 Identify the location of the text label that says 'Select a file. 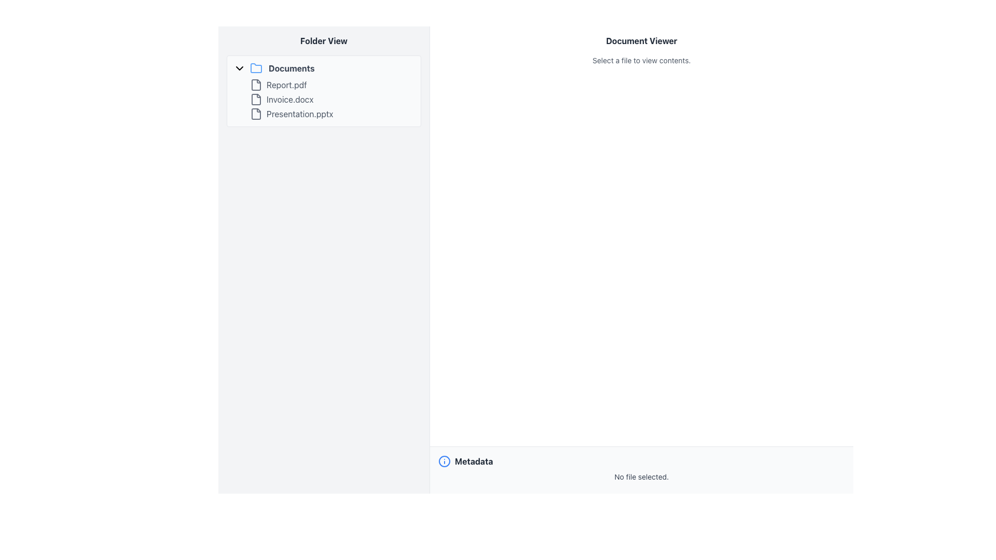
(641, 60).